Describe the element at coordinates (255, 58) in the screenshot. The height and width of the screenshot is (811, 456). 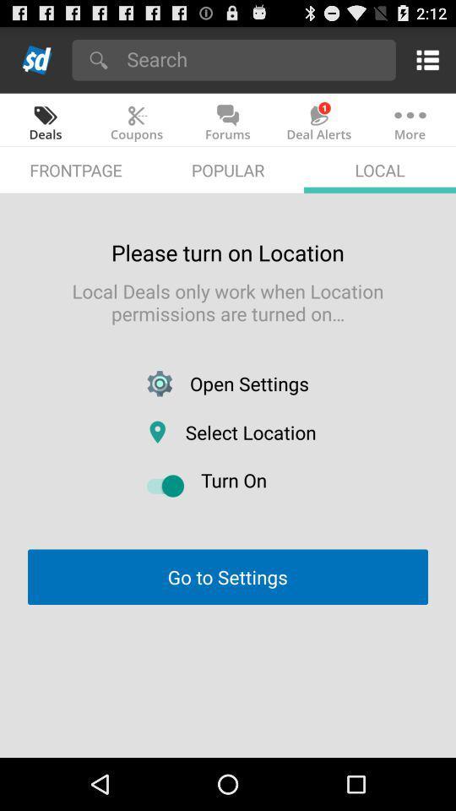
I see `search criteria` at that location.